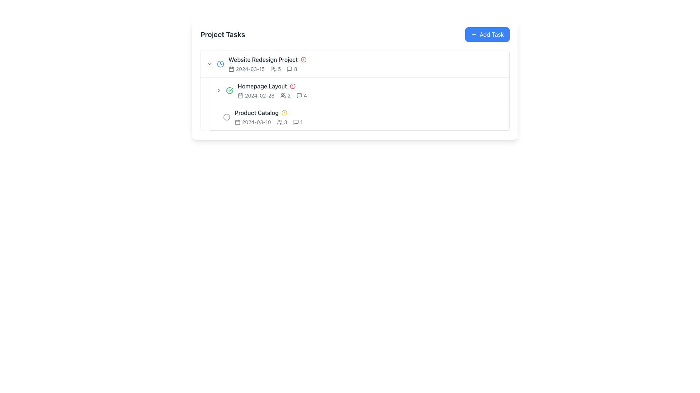 The height and width of the screenshot is (393, 700). What do you see at coordinates (297, 122) in the screenshot?
I see `the comments icon associated with the 'Product Catalog' task` at bounding box center [297, 122].